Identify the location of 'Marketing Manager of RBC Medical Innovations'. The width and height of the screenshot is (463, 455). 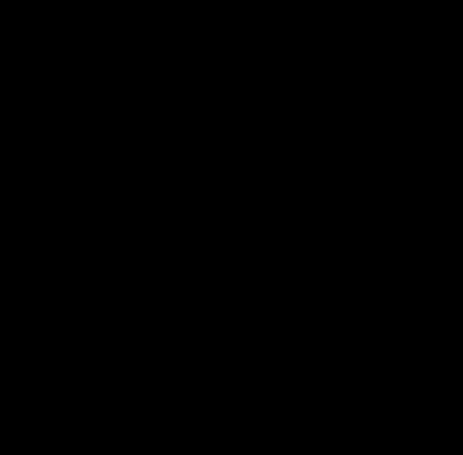
(189, 260).